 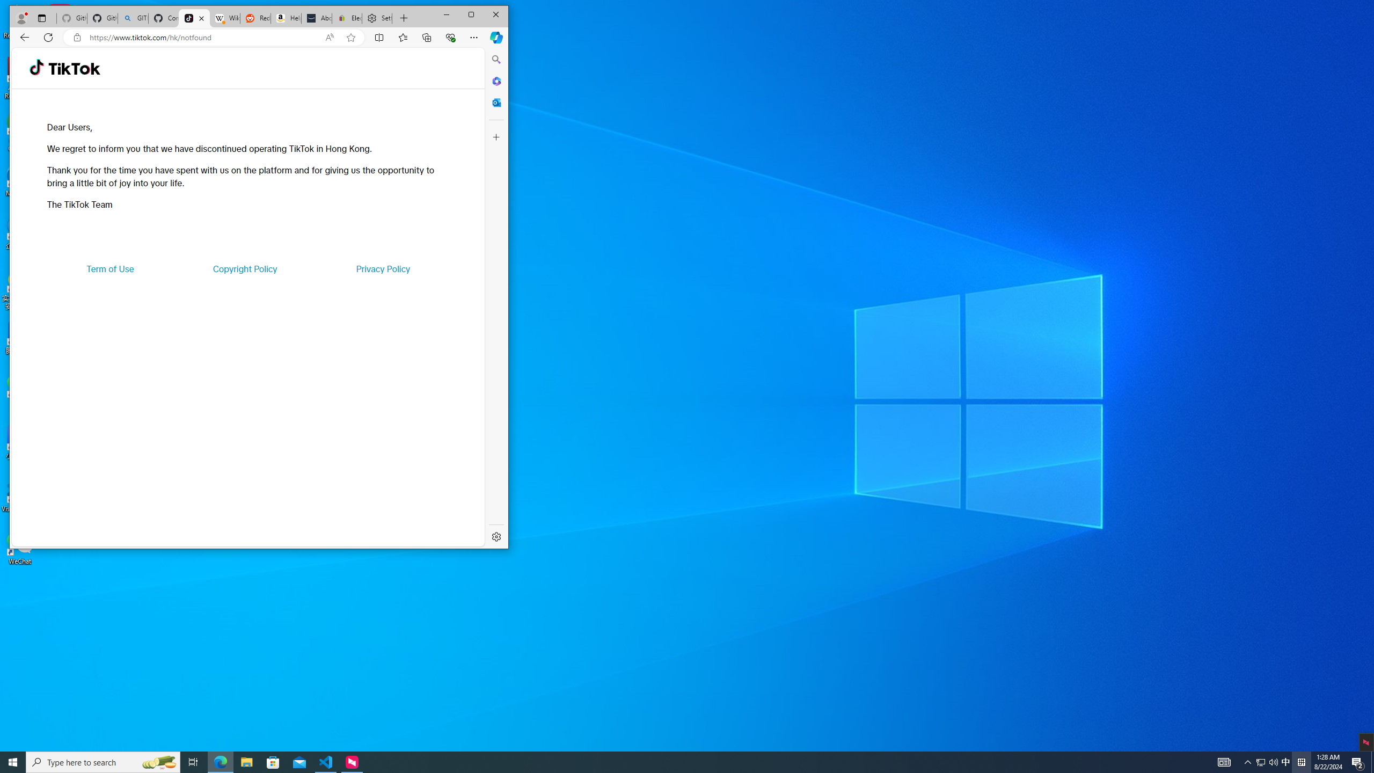 What do you see at coordinates (1223, 761) in the screenshot?
I see `'AutomationID: 4105'` at bounding box center [1223, 761].